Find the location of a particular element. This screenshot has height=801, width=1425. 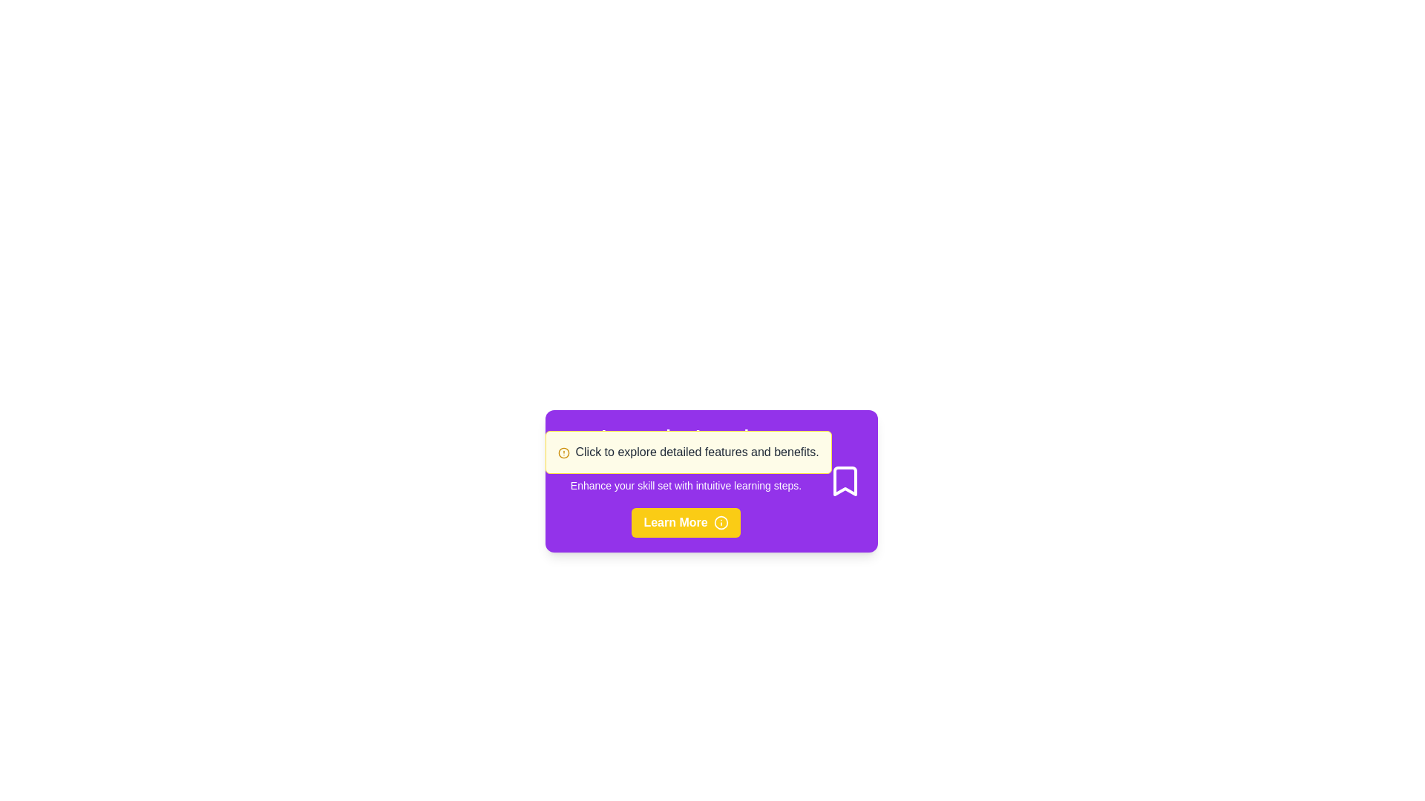

descriptive information provided in the text content located below the 'Interactive Learning Assistant' title and above the 'Learn More' button within its purple card is located at coordinates (685, 486).